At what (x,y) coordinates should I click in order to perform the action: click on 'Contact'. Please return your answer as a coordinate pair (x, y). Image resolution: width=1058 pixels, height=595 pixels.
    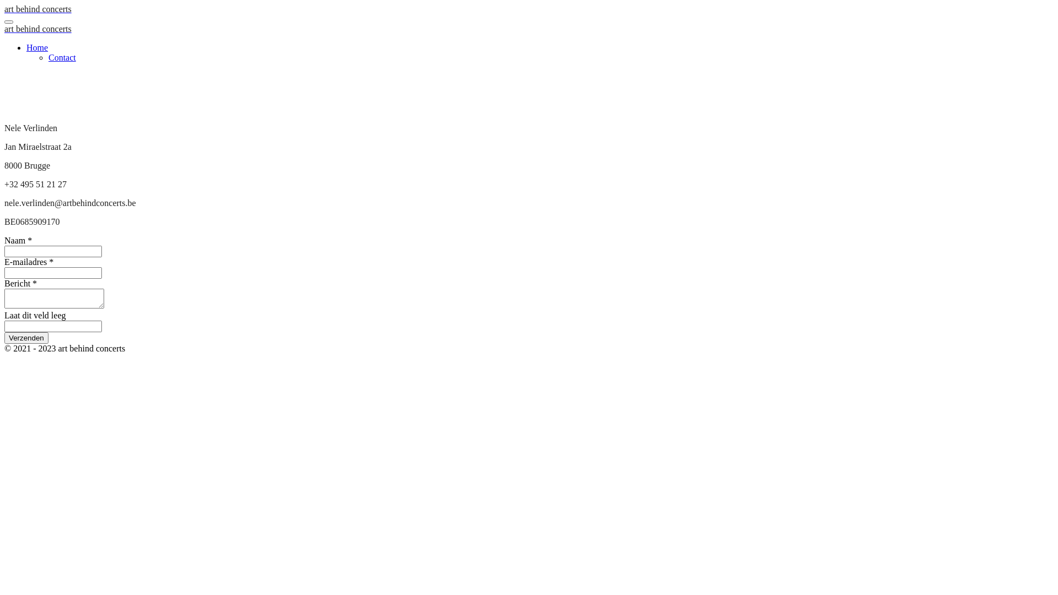
    Looking at the image, I should click on (62, 57).